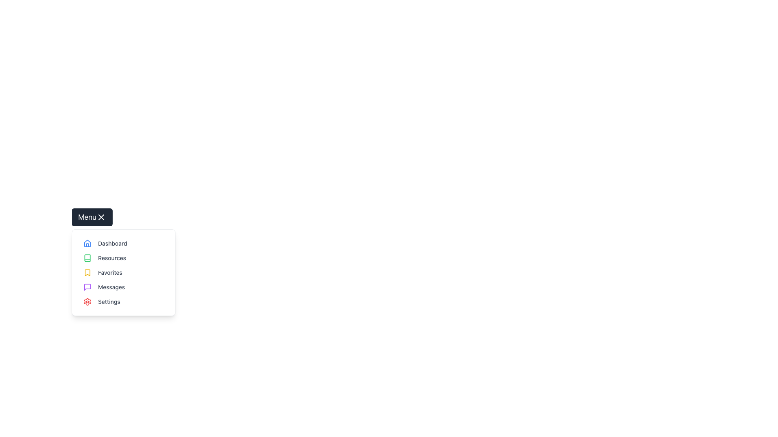 Image resolution: width=778 pixels, height=437 pixels. I want to click on the settings link or button located at the bottom of the vertical menu for keyboard navigation, so click(123, 301).